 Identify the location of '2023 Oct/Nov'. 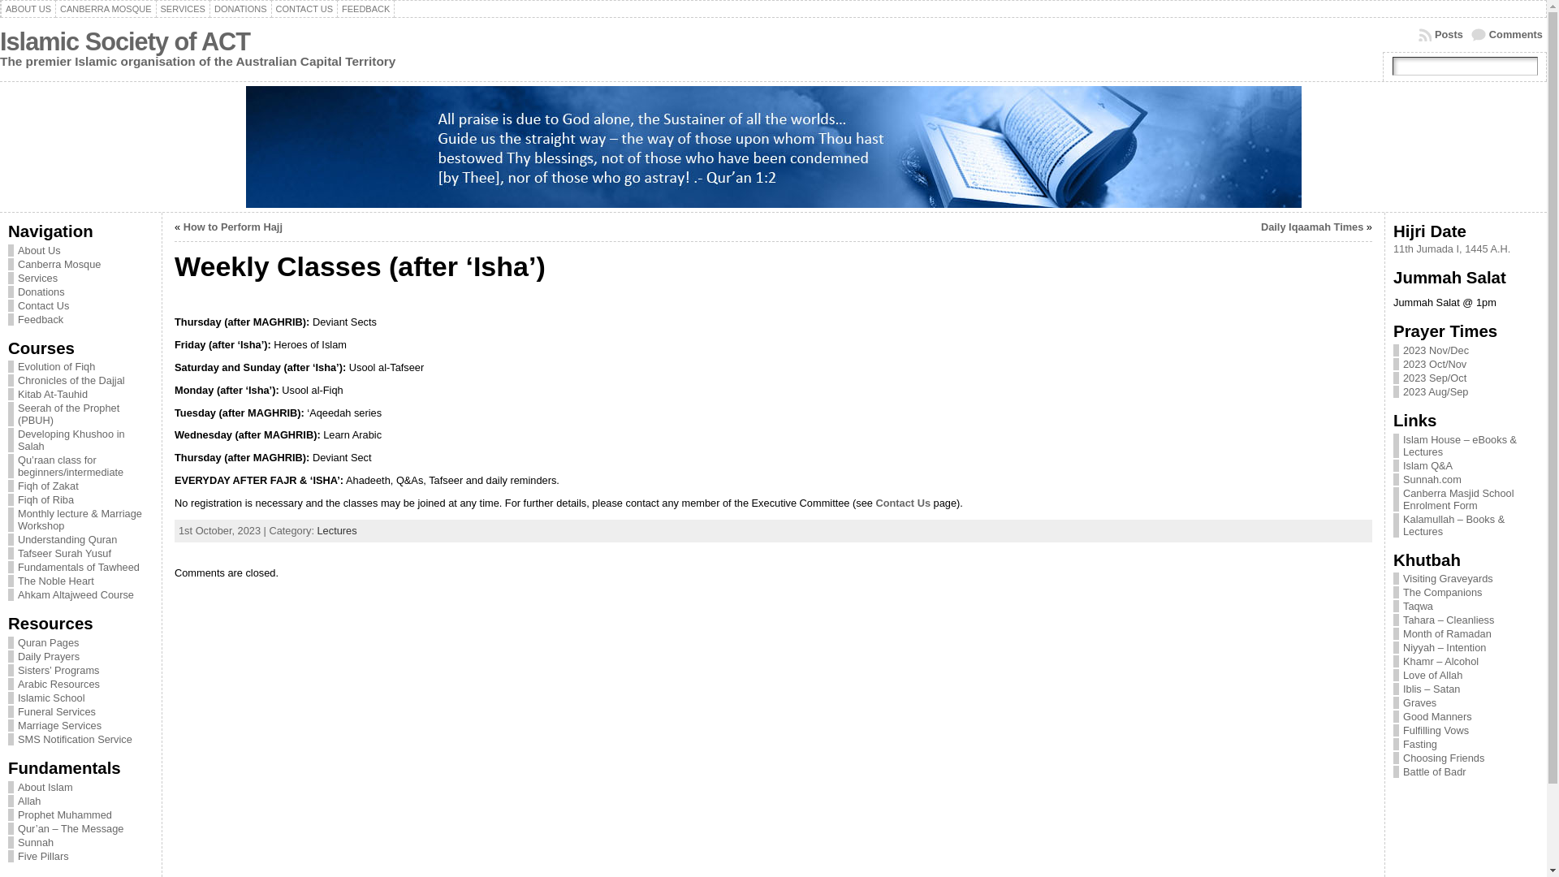
(1434, 363).